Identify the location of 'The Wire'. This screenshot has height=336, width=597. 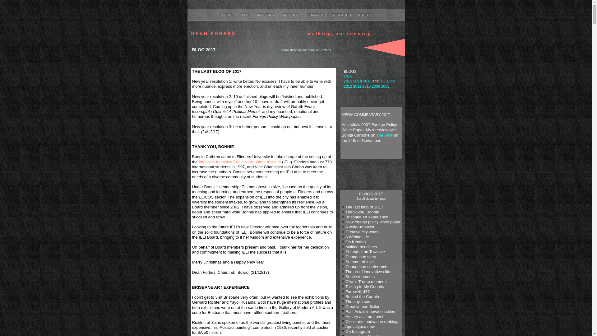
(384, 135).